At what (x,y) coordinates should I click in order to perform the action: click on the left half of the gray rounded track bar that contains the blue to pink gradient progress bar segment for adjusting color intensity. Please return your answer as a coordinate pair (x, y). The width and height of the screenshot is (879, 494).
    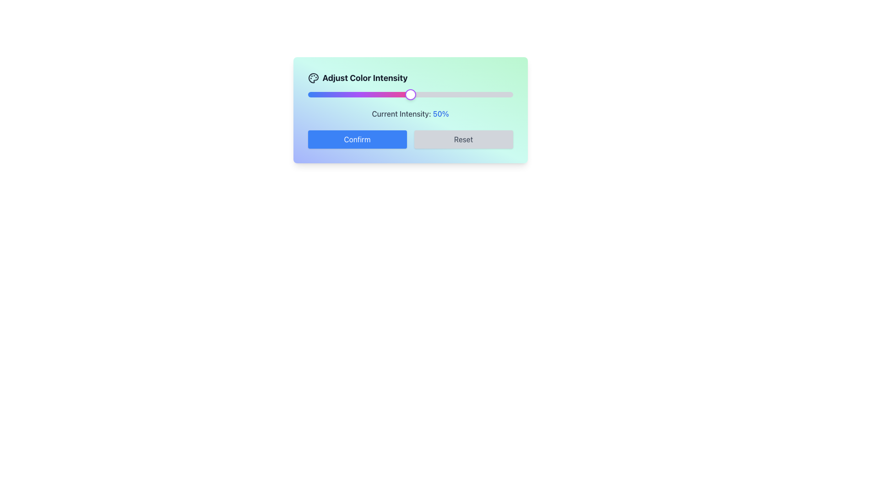
    Looking at the image, I should click on (358, 95).